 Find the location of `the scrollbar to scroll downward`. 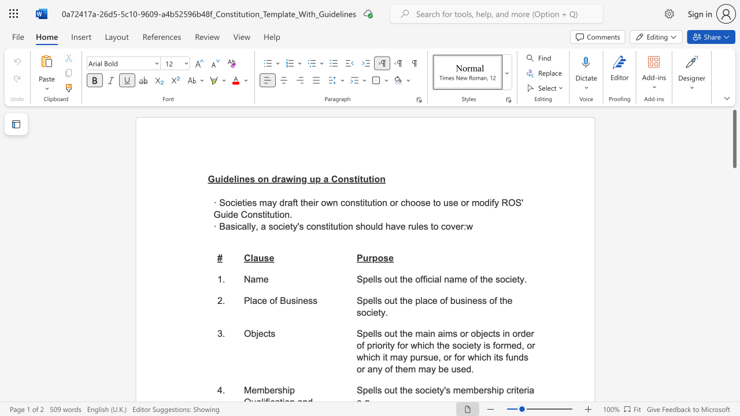

the scrollbar to scroll downward is located at coordinates (734, 225).